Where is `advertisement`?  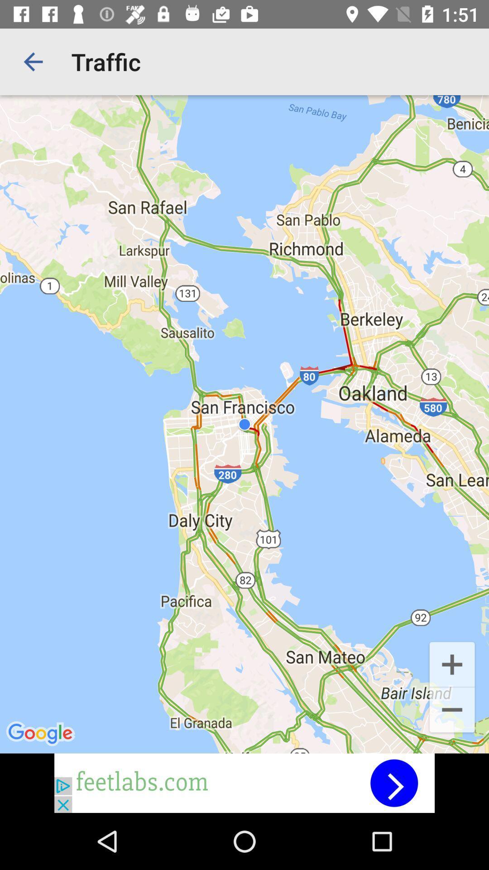
advertisement is located at coordinates (244, 783).